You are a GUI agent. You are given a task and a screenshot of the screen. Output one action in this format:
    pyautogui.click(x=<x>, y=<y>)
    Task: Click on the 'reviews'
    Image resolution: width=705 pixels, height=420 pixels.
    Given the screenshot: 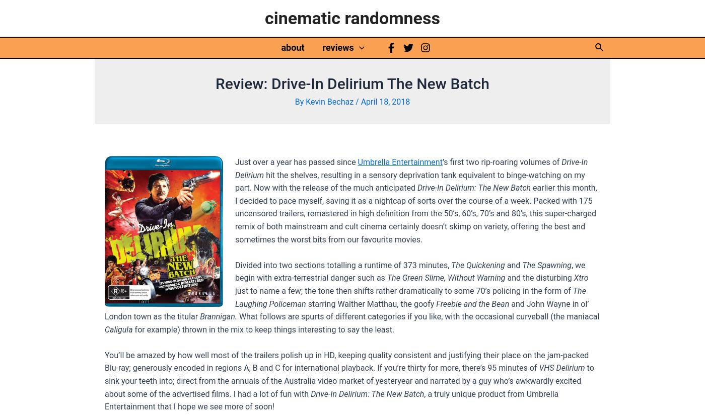 What is the action you would take?
    pyautogui.click(x=338, y=46)
    